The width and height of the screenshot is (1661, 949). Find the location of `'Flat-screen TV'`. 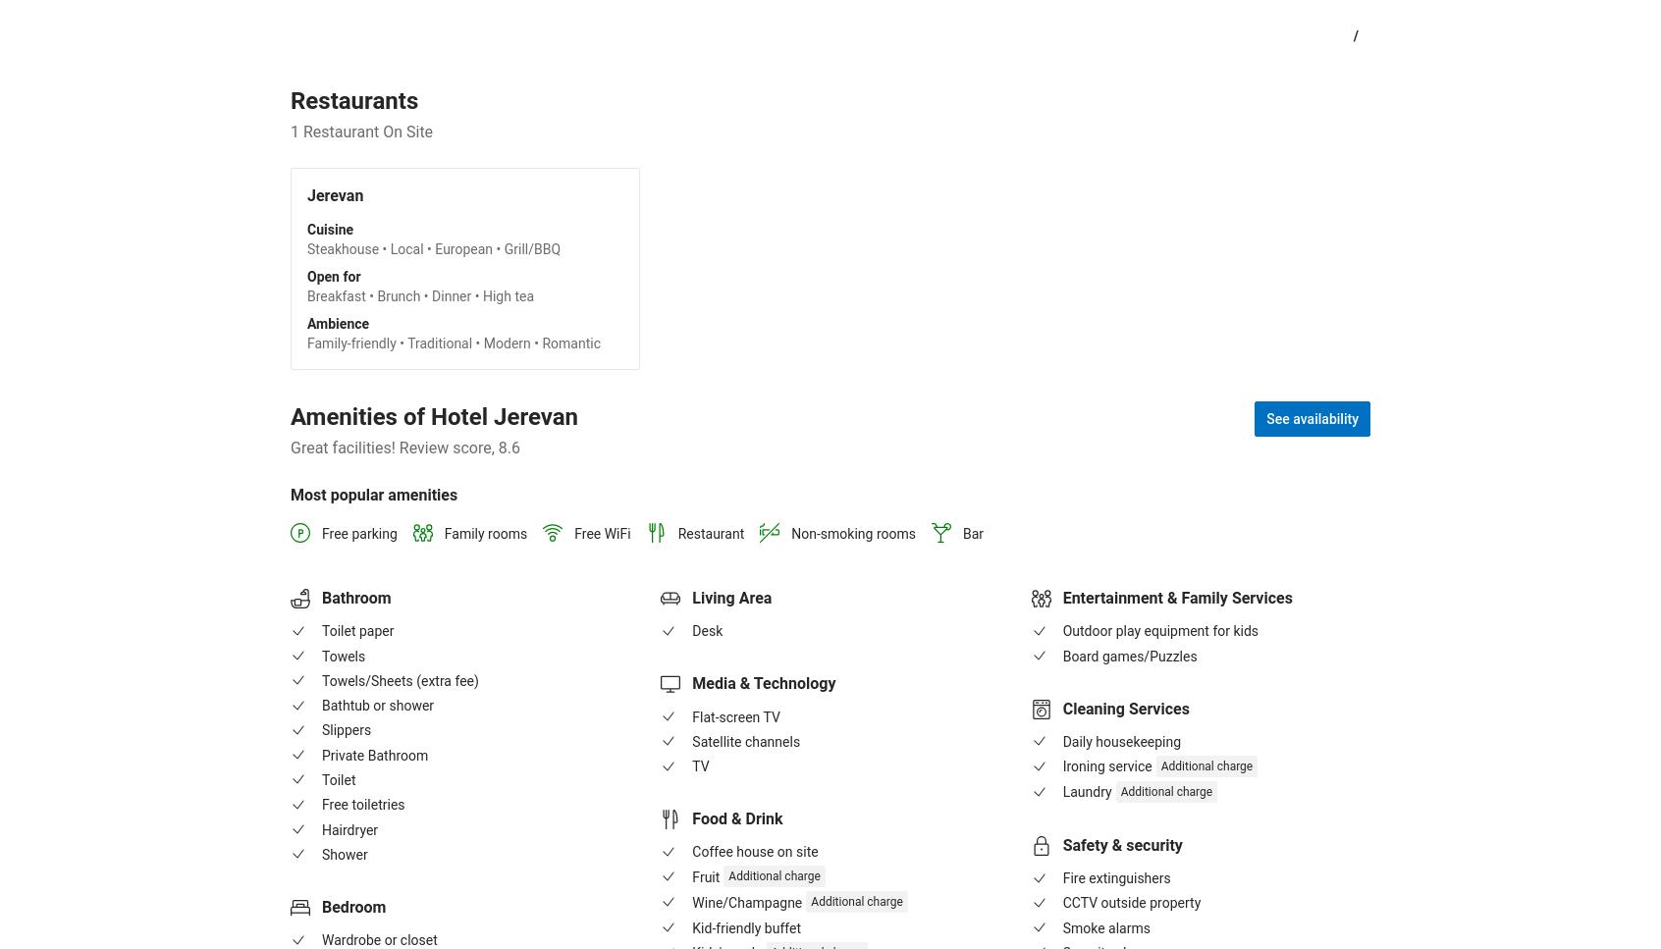

'Flat-screen TV' is located at coordinates (734, 714).